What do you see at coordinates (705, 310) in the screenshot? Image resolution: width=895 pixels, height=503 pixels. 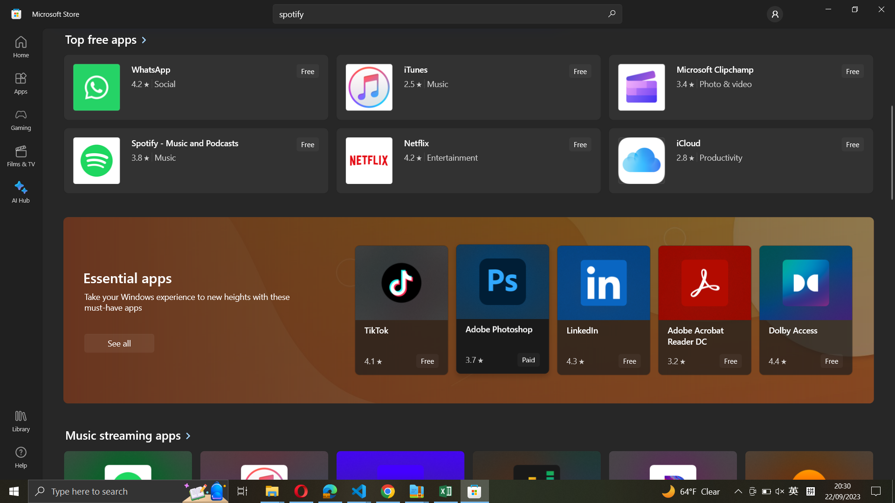 I see `Adobe Acrobat Reader DC` at bounding box center [705, 310].